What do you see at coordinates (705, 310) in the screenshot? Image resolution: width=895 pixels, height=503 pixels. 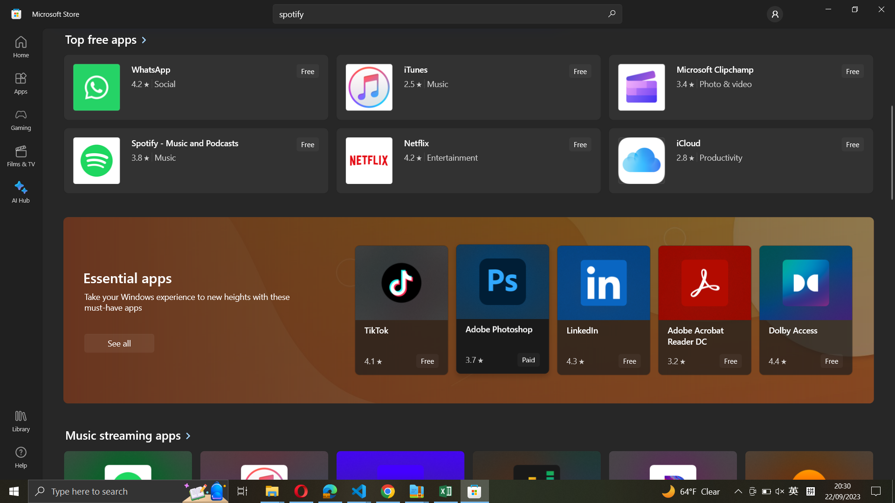 I see `Adobe Acrobat Reader DC` at bounding box center [705, 310].